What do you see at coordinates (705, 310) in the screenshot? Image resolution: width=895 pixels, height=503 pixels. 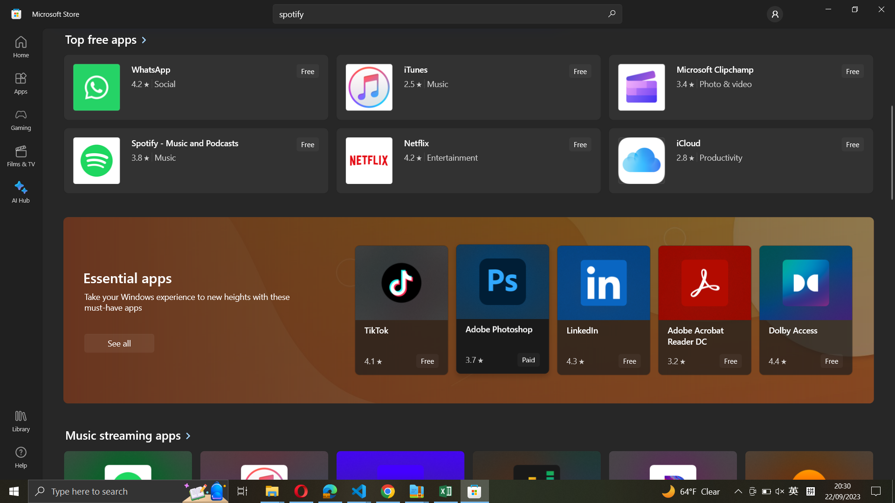 I see `Adobe Acrobat Reader DC` at bounding box center [705, 310].